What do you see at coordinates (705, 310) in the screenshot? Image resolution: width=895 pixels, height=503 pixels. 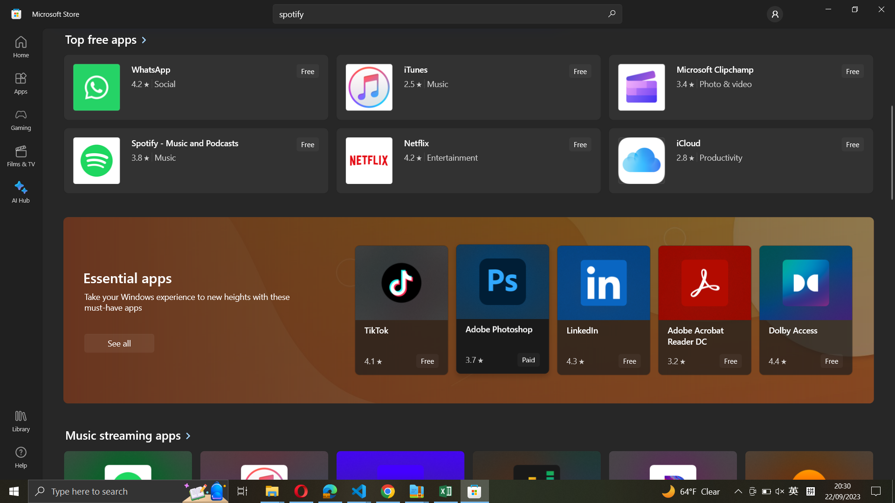 I see `Adobe Acrobat Reader DC` at bounding box center [705, 310].